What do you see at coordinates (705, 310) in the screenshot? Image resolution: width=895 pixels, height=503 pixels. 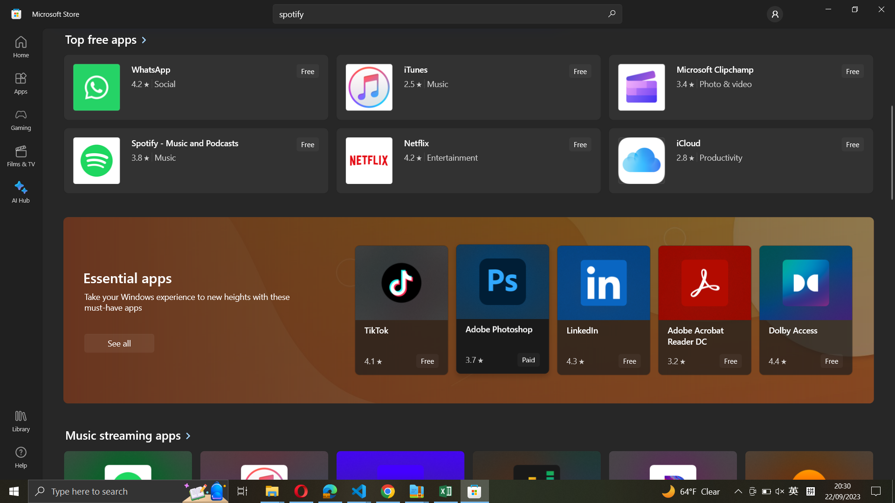 I see `Adobe Acrobat Reader DC` at bounding box center [705, 310].